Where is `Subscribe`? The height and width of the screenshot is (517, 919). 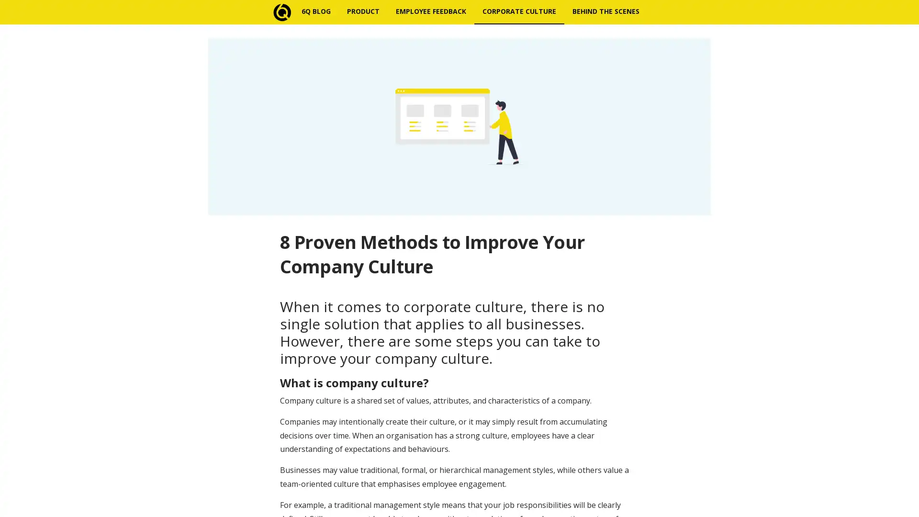
Subscribe is located at coordinates (565, 503).